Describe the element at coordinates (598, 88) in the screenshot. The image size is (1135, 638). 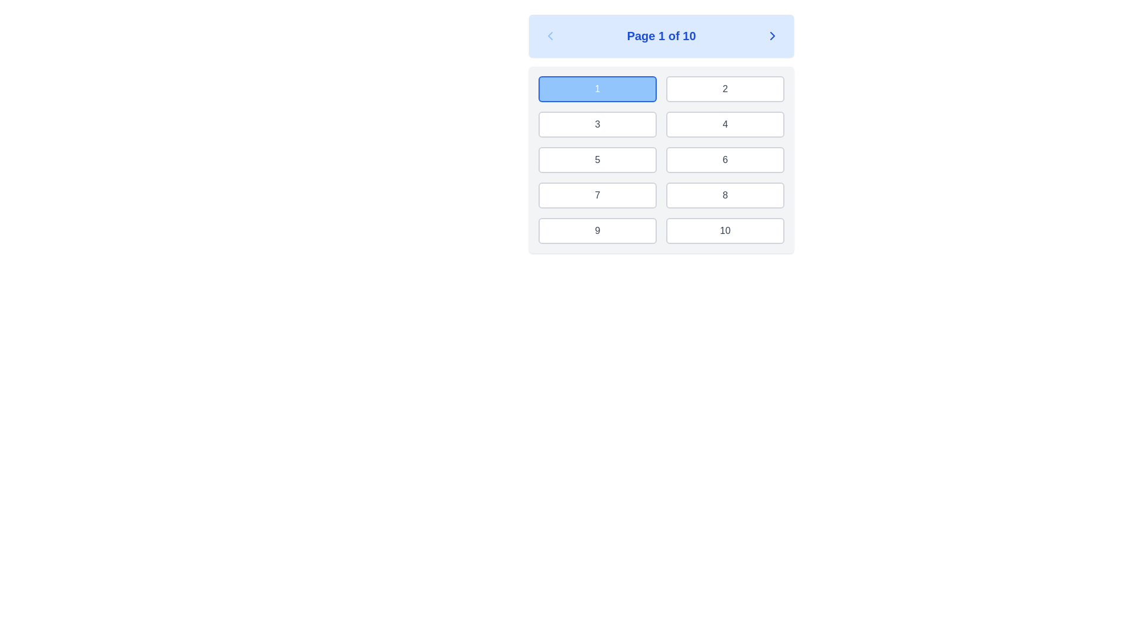
I see `the first button in the grid layout used for pagination or item selection` at that location.